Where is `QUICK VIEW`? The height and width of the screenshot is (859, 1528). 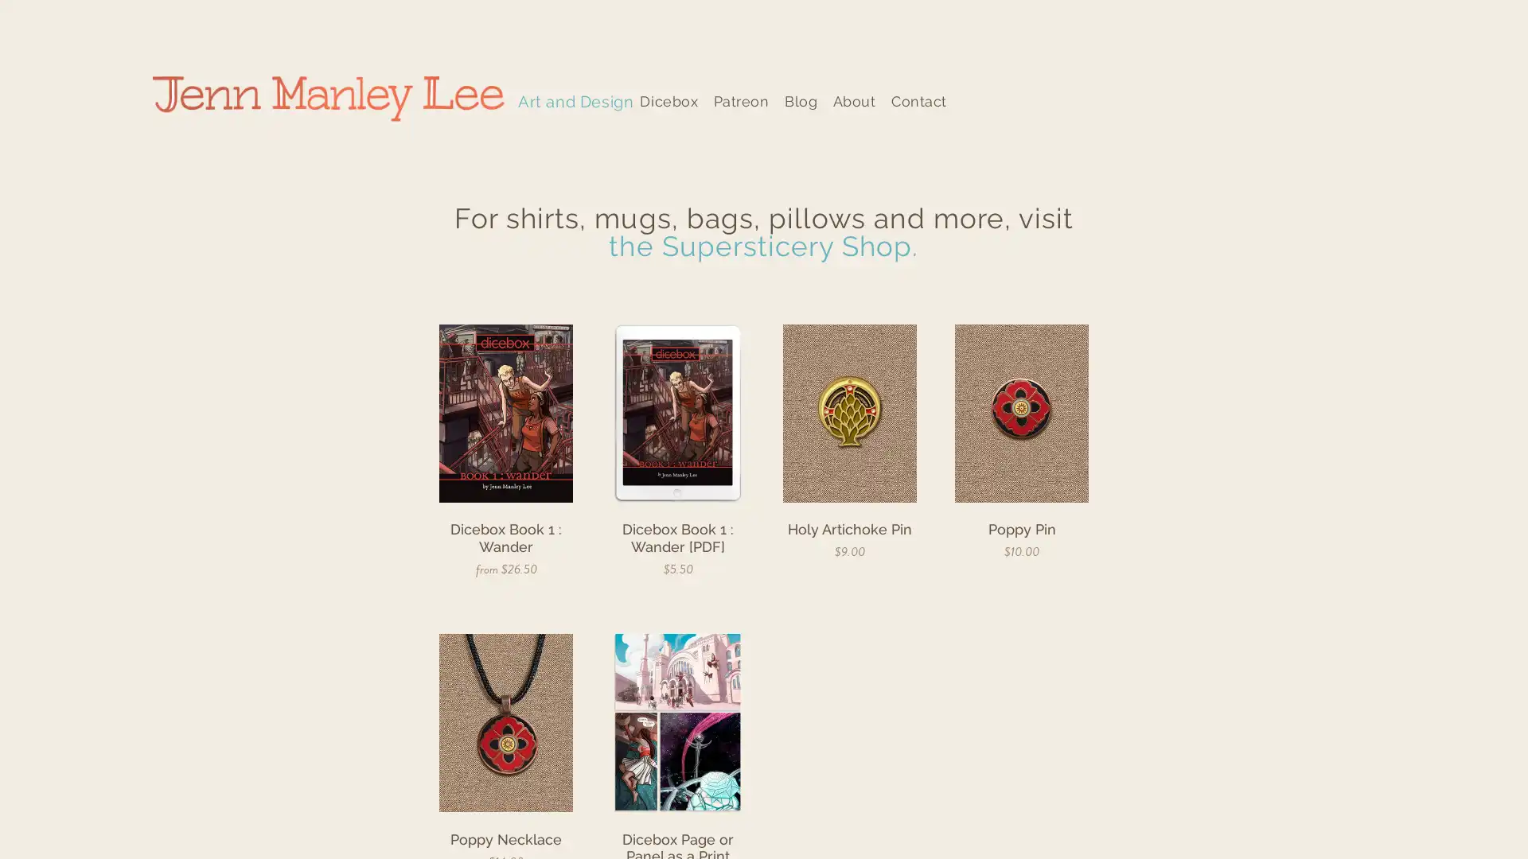
QUICK VIEW is located at coordinates (677, 544).